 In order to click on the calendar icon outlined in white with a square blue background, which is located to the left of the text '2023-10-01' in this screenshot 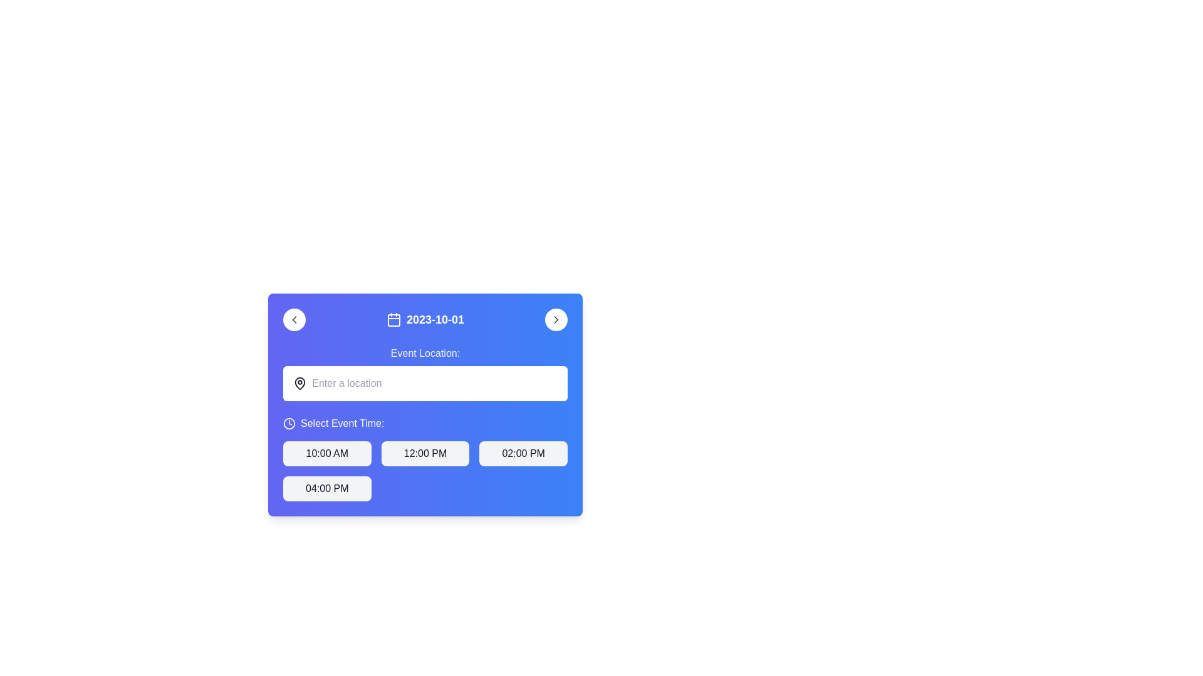, I will do `click(393, 319)`.